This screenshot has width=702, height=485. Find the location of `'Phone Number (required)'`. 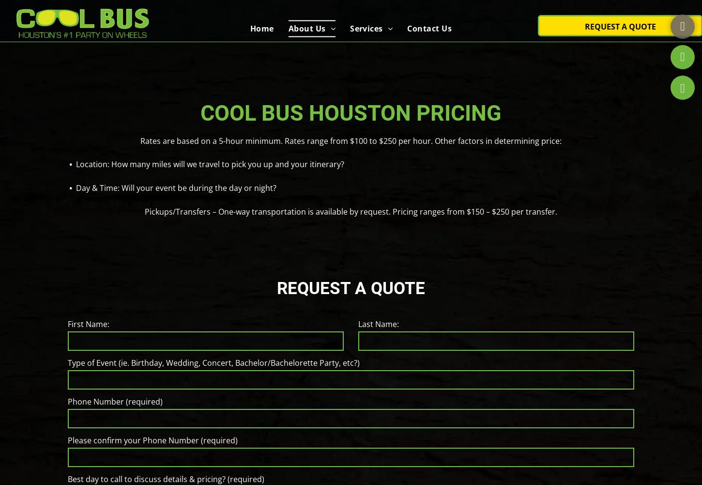

'Phone Number (required)' is located at coordinates (114, 401).